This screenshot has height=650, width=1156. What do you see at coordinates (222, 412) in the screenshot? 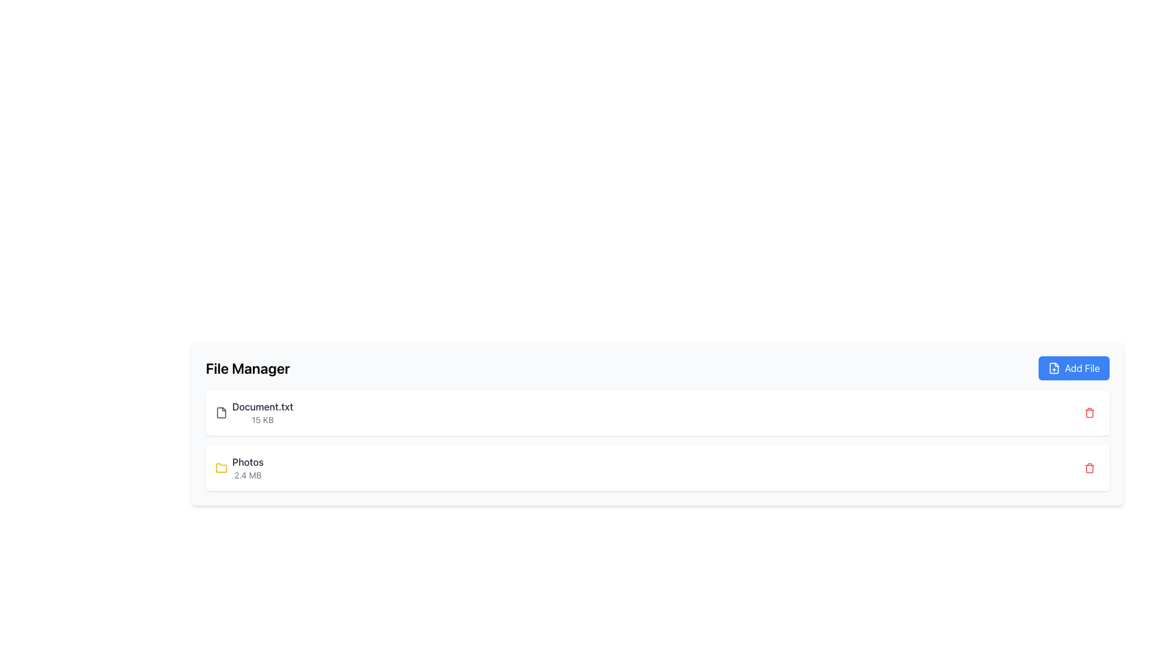
I see `the document icon, which is a rectangular shape with a folded-over corner, located in the upper-left section of the document entry row under the 'File Manager' section, adjacent to 'Document.txt'` at bounding box center [222, 412].